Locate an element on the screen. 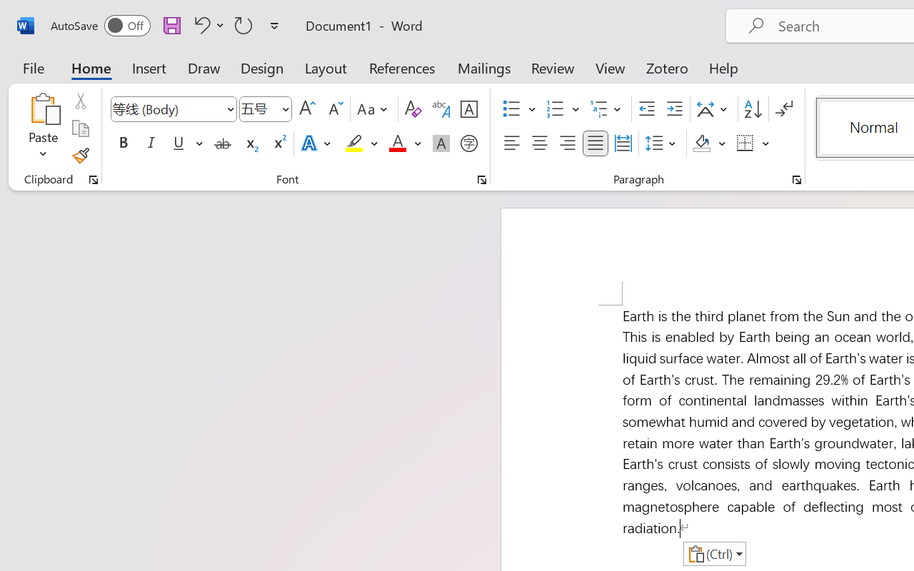 The width and height of the screenshot is (914, 571). 'Shading RGB(0, 0, 0)' is located at coordinates (702, 143).